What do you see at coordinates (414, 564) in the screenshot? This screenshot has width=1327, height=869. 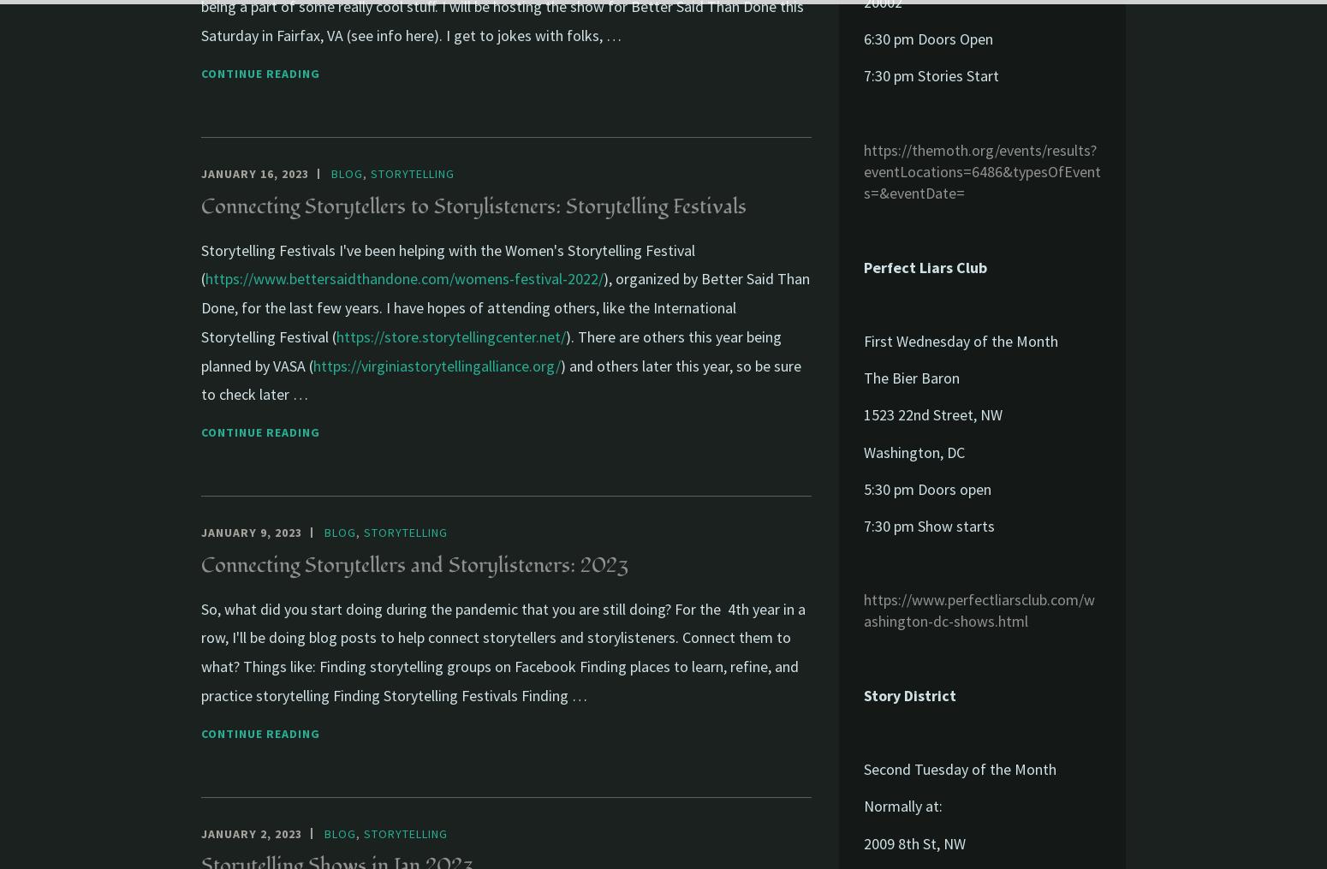 I see `'Connecting Storytellers and Storylisteners: 2023'` at bounding box center [414, 564].